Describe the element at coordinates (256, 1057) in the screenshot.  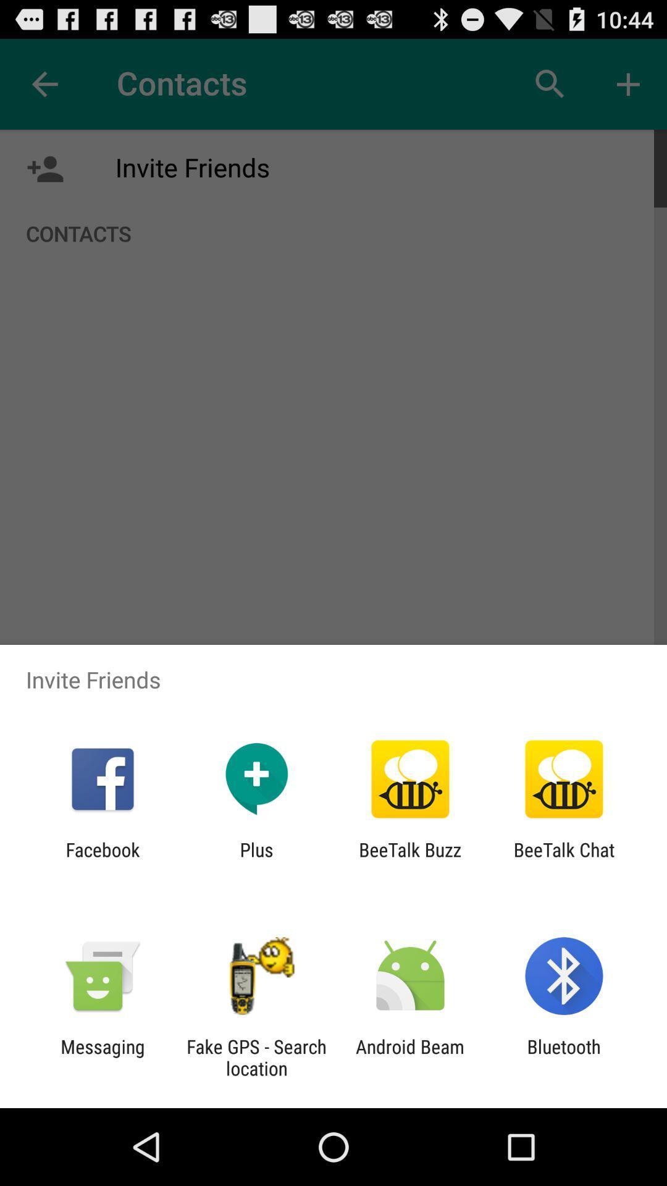
I see `the app next to the android beam app` at that location.